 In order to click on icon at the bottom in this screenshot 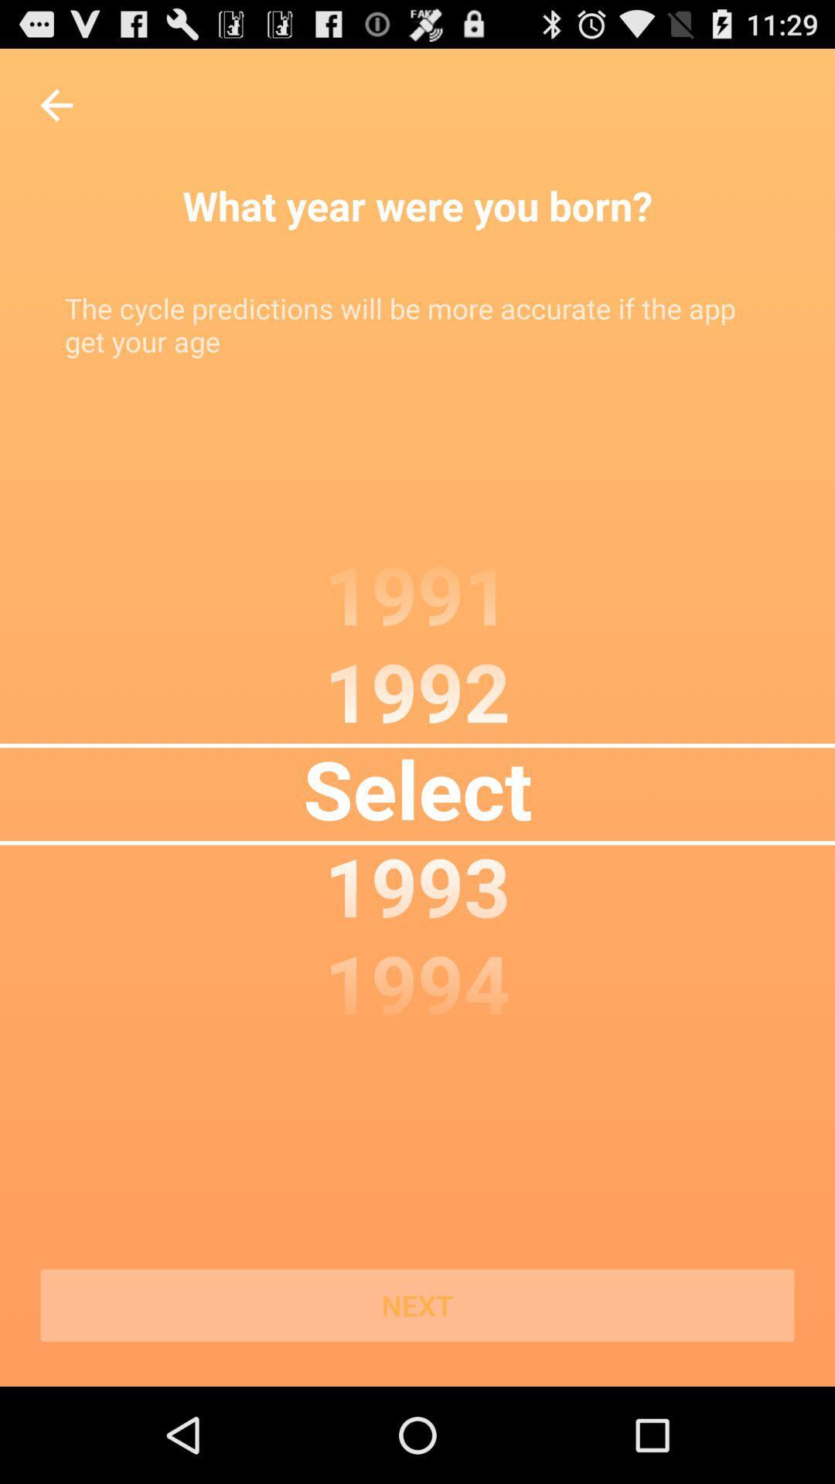, I will do `click(417, 1305)`.